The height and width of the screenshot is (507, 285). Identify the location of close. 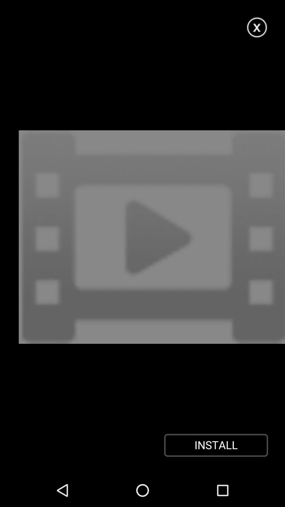
(257, 27).